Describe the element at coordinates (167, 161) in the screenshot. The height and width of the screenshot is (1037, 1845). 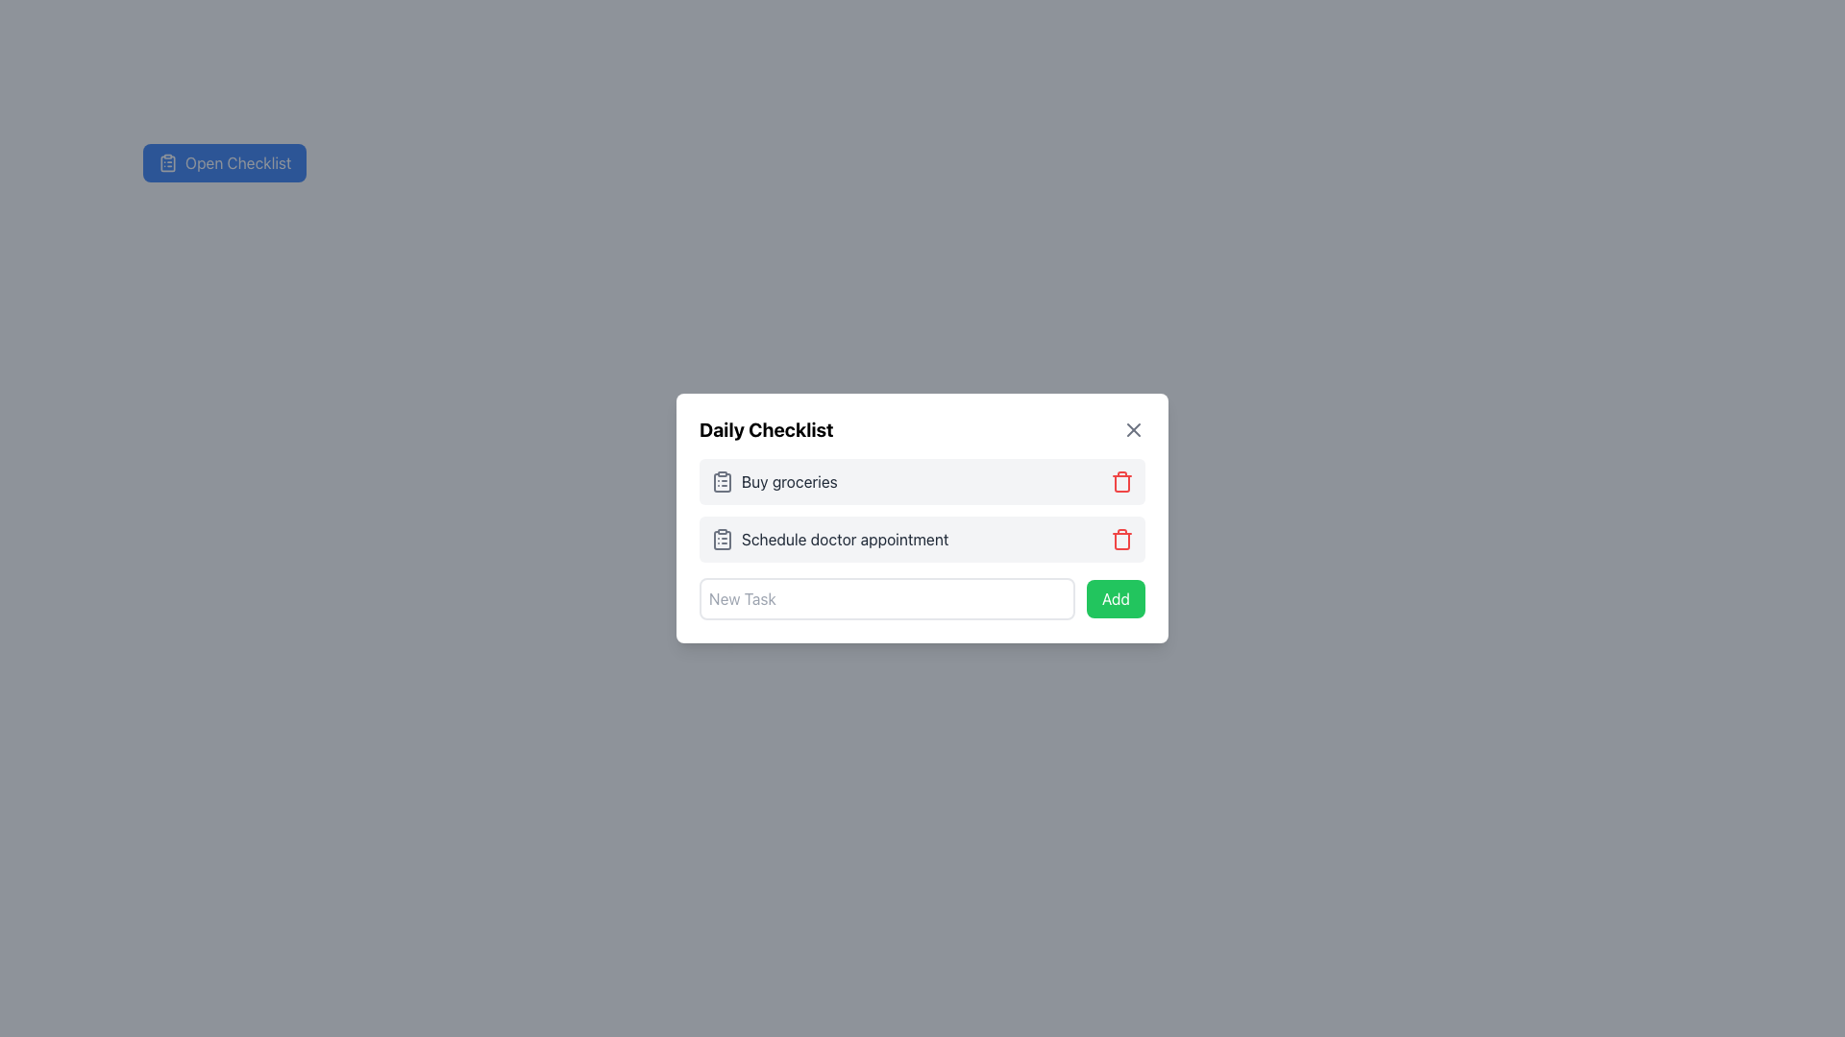
I see `the decorative clipboard icon that represents the 'Open Checklist' button, located to the left of the text 'Open Checklist' in the top center-left quadrant of the interface` at that location.